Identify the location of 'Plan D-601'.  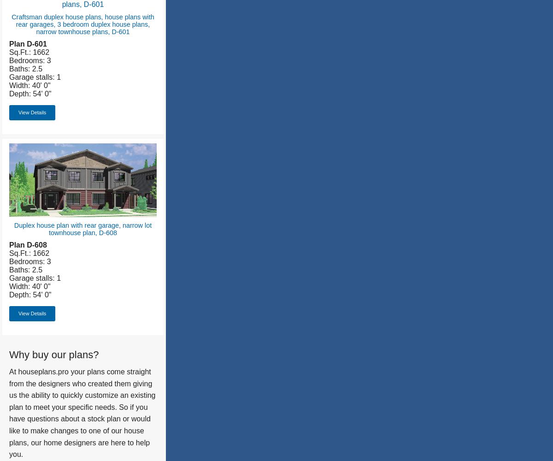
(9, 43).